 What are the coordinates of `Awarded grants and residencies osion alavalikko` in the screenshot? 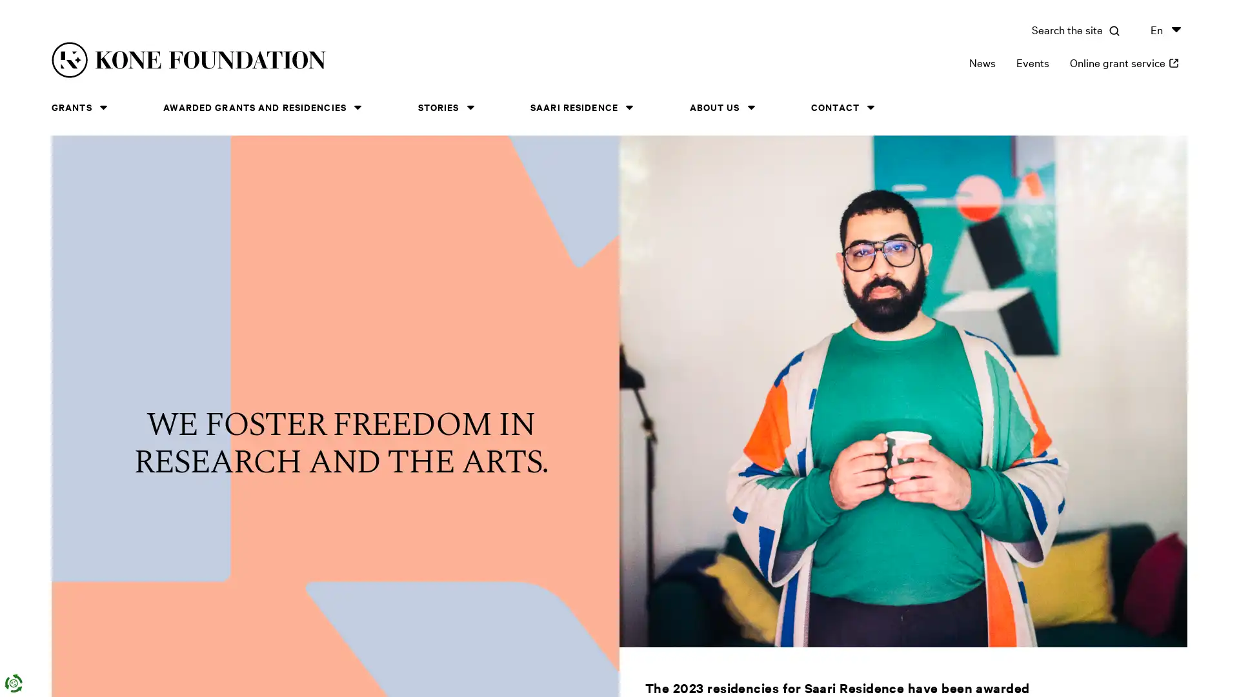 It's located at (357, 106).